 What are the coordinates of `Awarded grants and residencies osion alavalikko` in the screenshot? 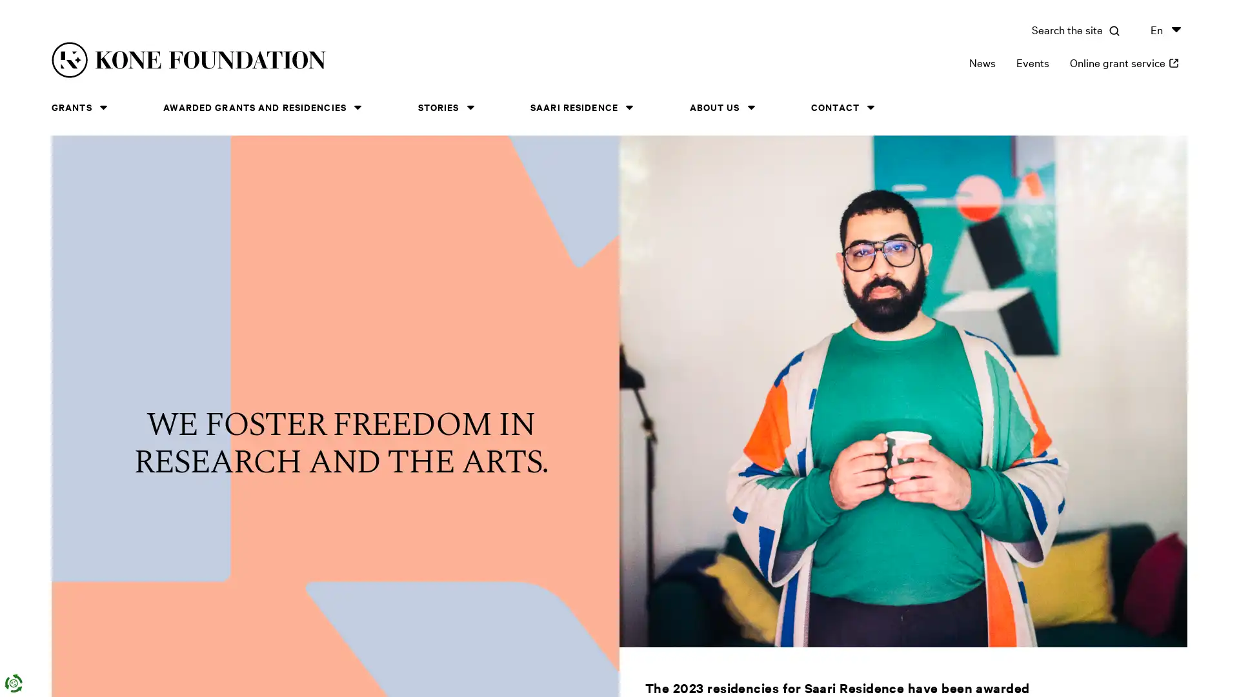 It's located at (357, 106).